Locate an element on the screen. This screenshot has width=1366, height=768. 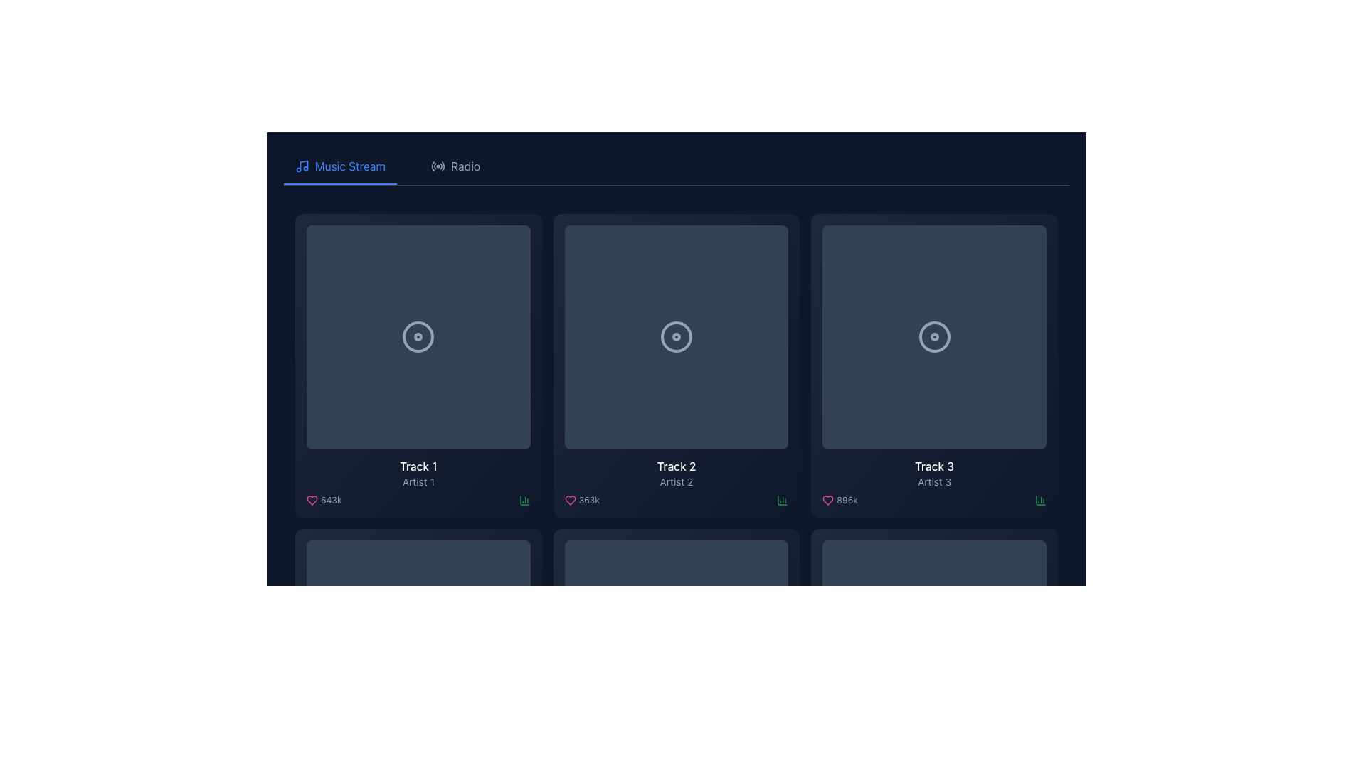
the statistics icon located in the bottom-right section of the 'Track 2' card is located at coordinates (524, 499).